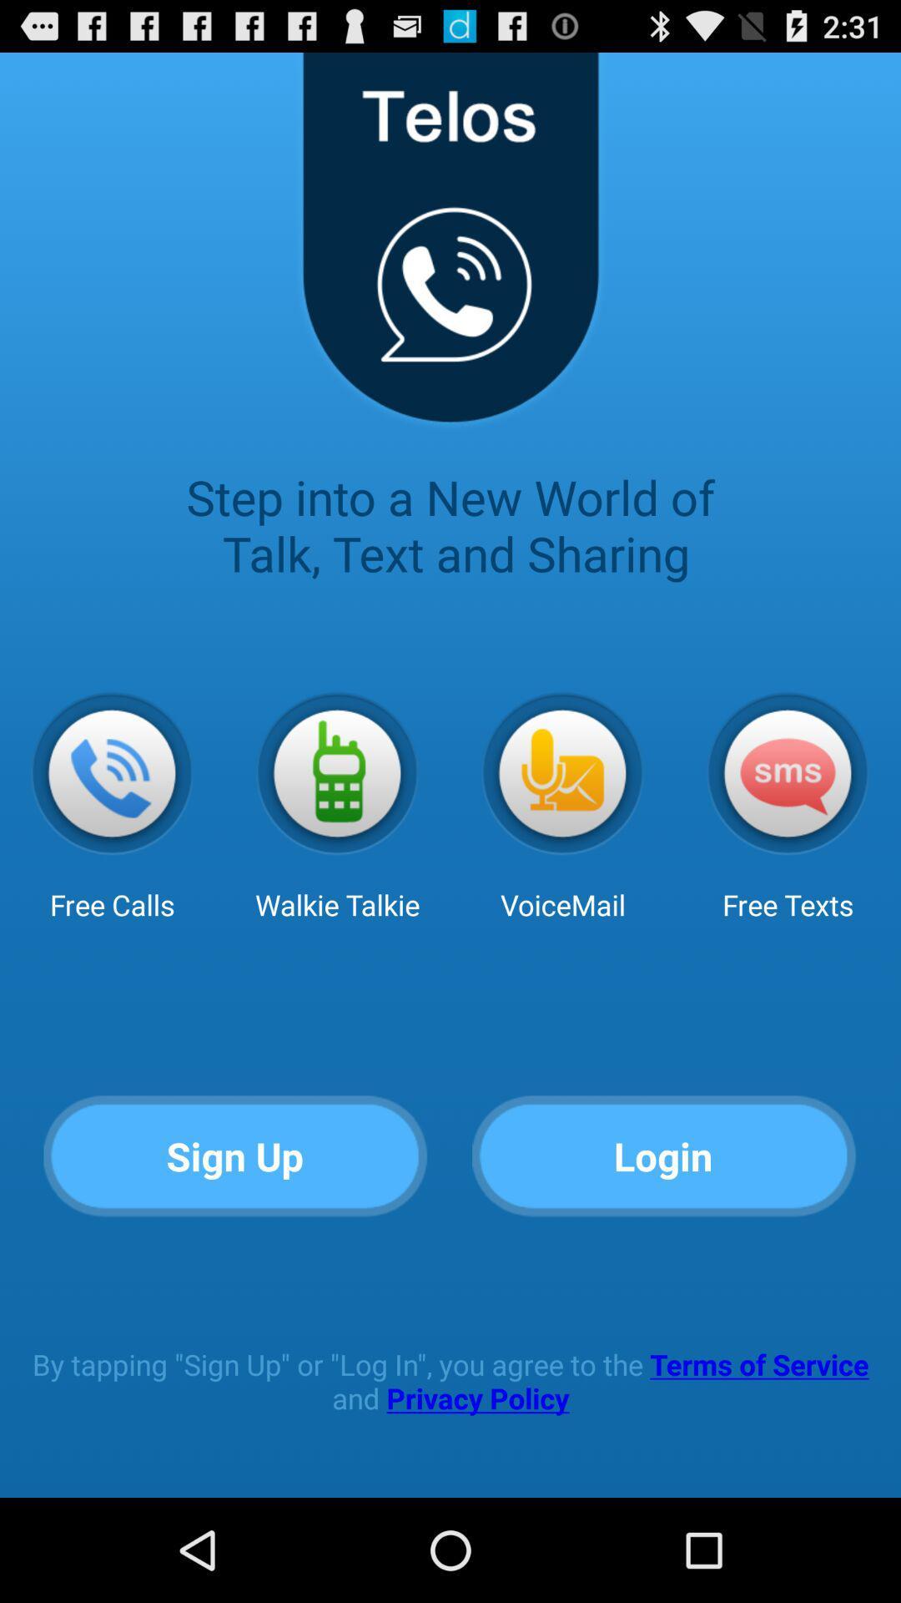 The width and height of the screenshot is (901, 1603). Describe the element at coordinates (663, 1156) in the screenshot. I see `the item at the bottom right corner` at that location.